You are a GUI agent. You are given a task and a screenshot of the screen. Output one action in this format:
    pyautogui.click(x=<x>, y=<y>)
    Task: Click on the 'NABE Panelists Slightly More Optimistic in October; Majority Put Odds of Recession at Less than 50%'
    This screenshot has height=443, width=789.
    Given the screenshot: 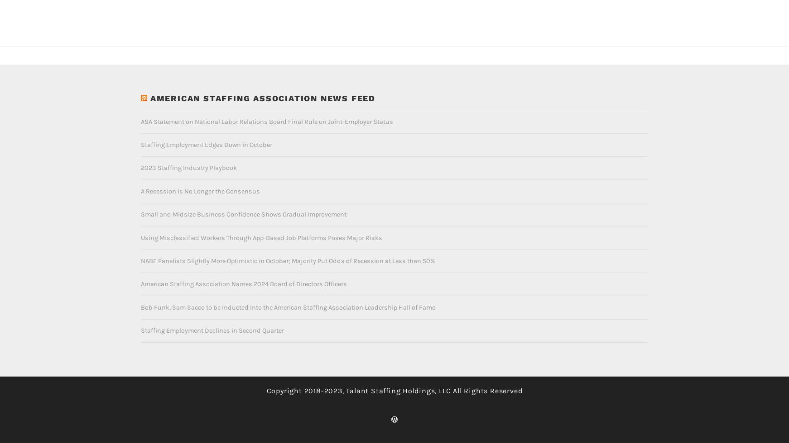 What is the action you would take?
    pyautogui.click(x=287, y=246)
    